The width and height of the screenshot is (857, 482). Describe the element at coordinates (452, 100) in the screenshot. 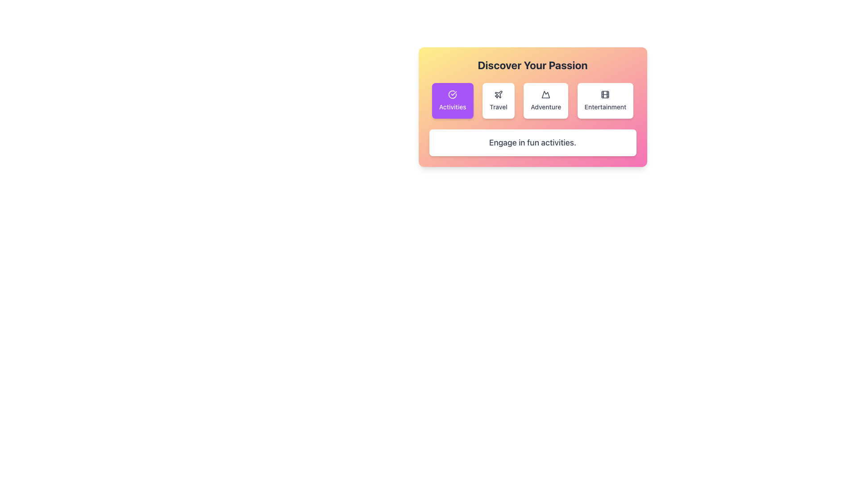

I see `the purple button labeled 'Activities' with a circular checkmark icon` at that location.